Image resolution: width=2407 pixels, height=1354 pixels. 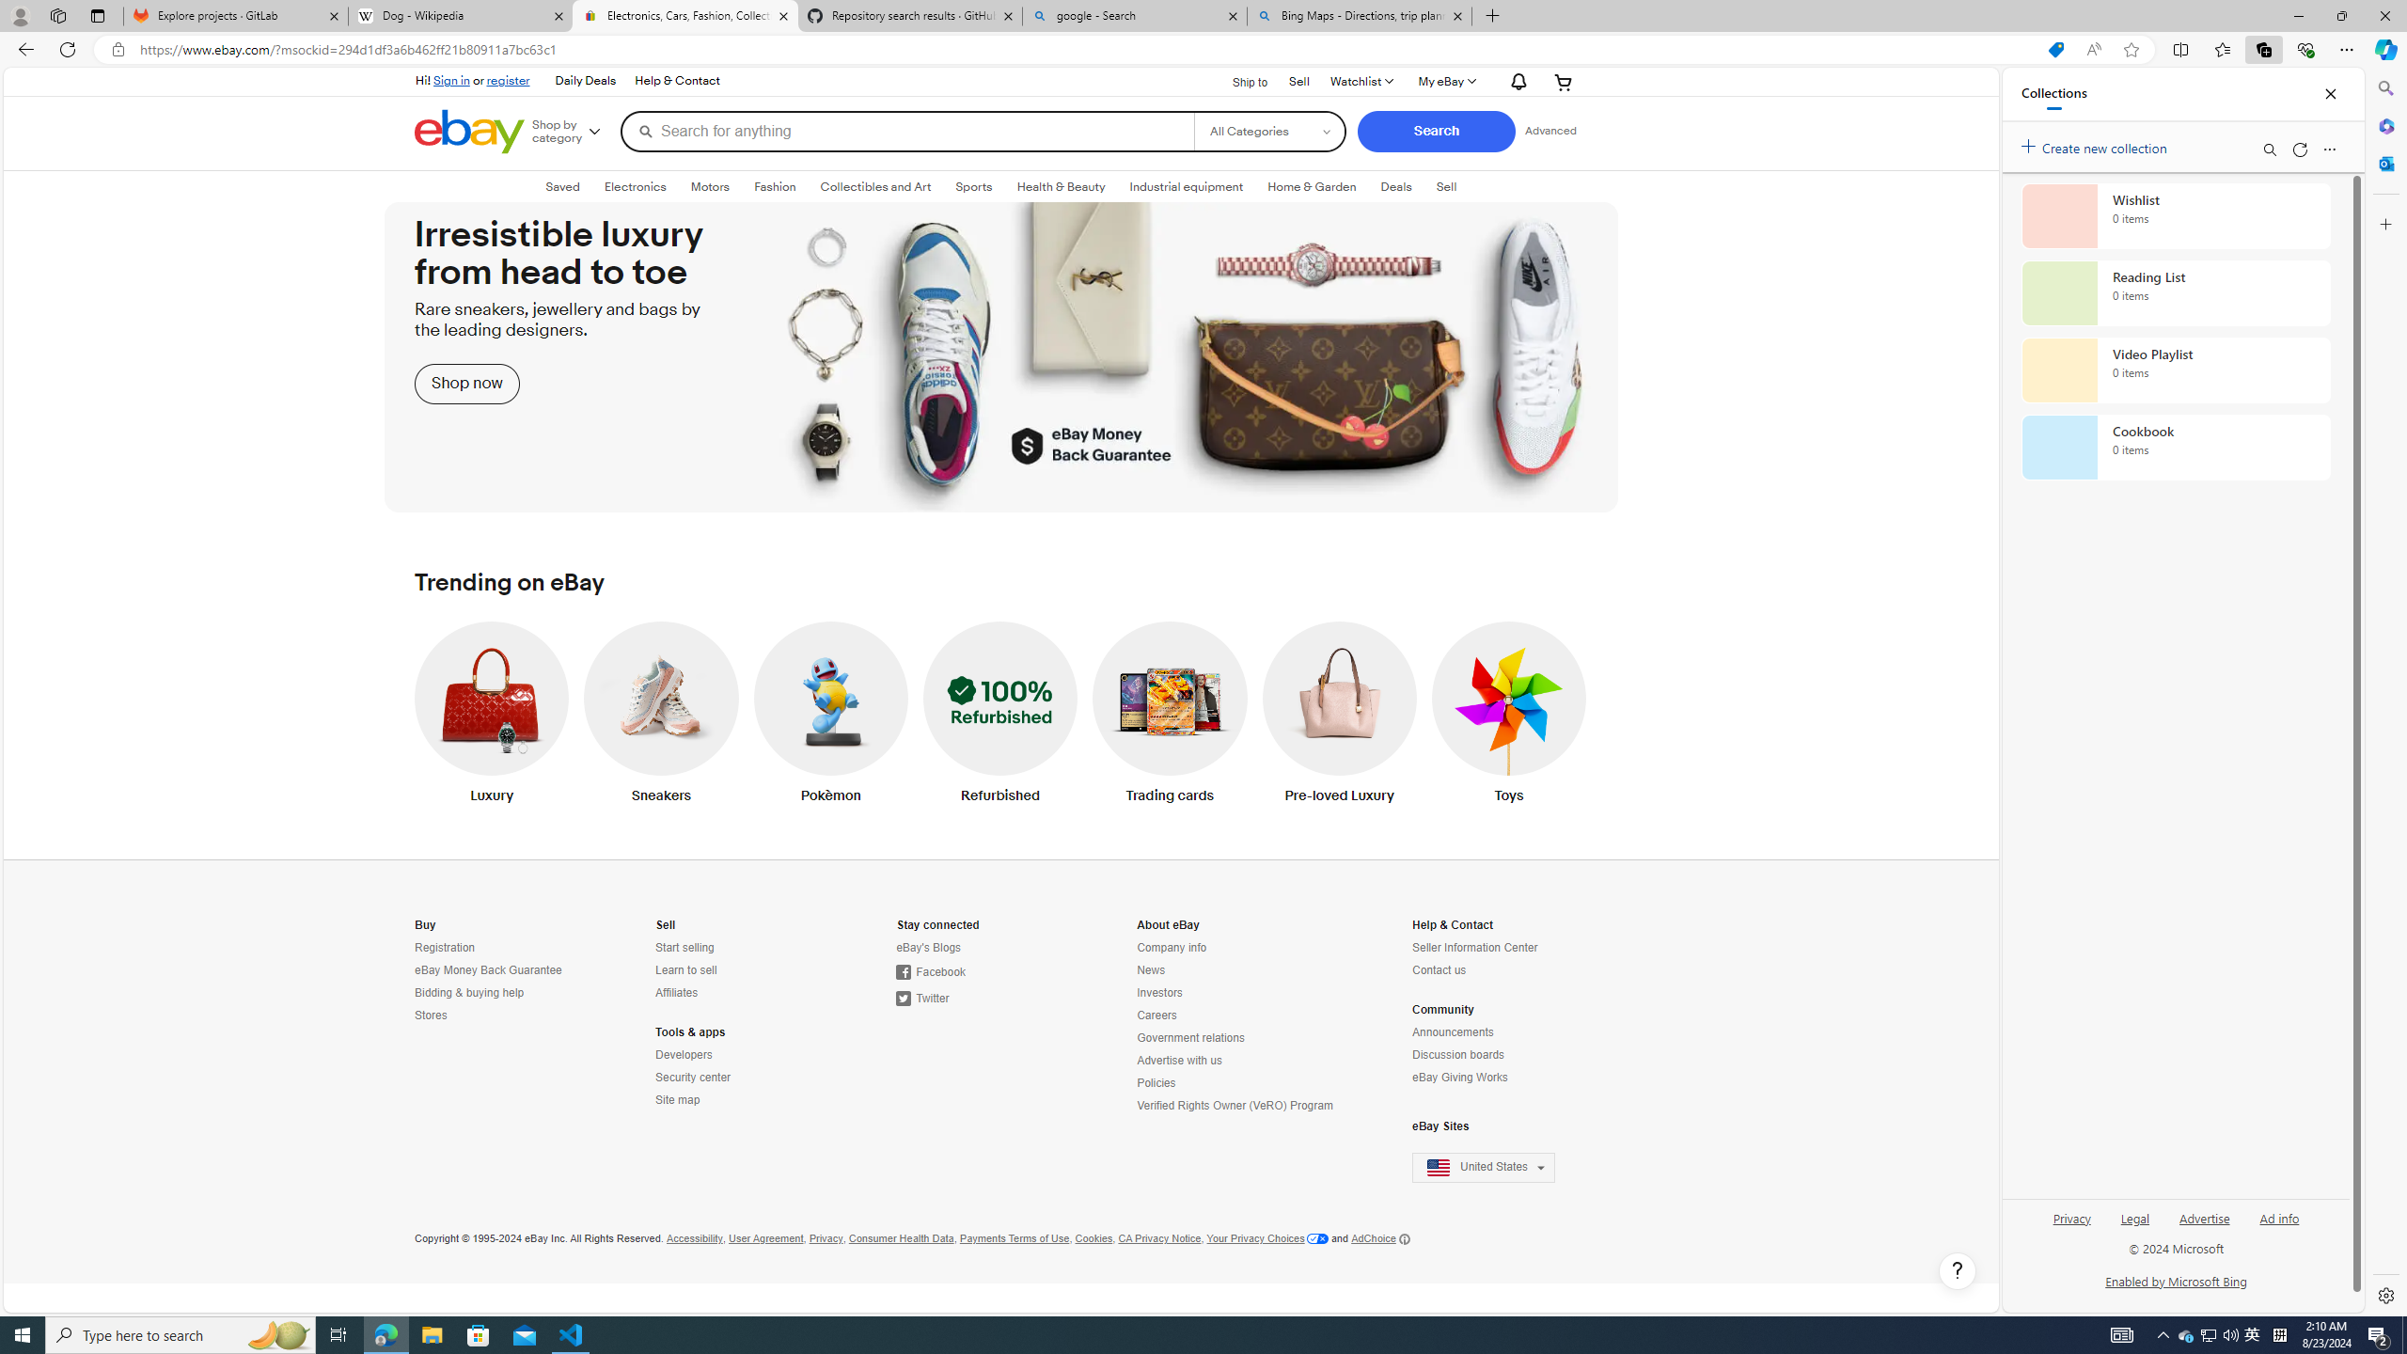 I want to click on 'Payments Terms of Use', so click(x=1015, y=1238).